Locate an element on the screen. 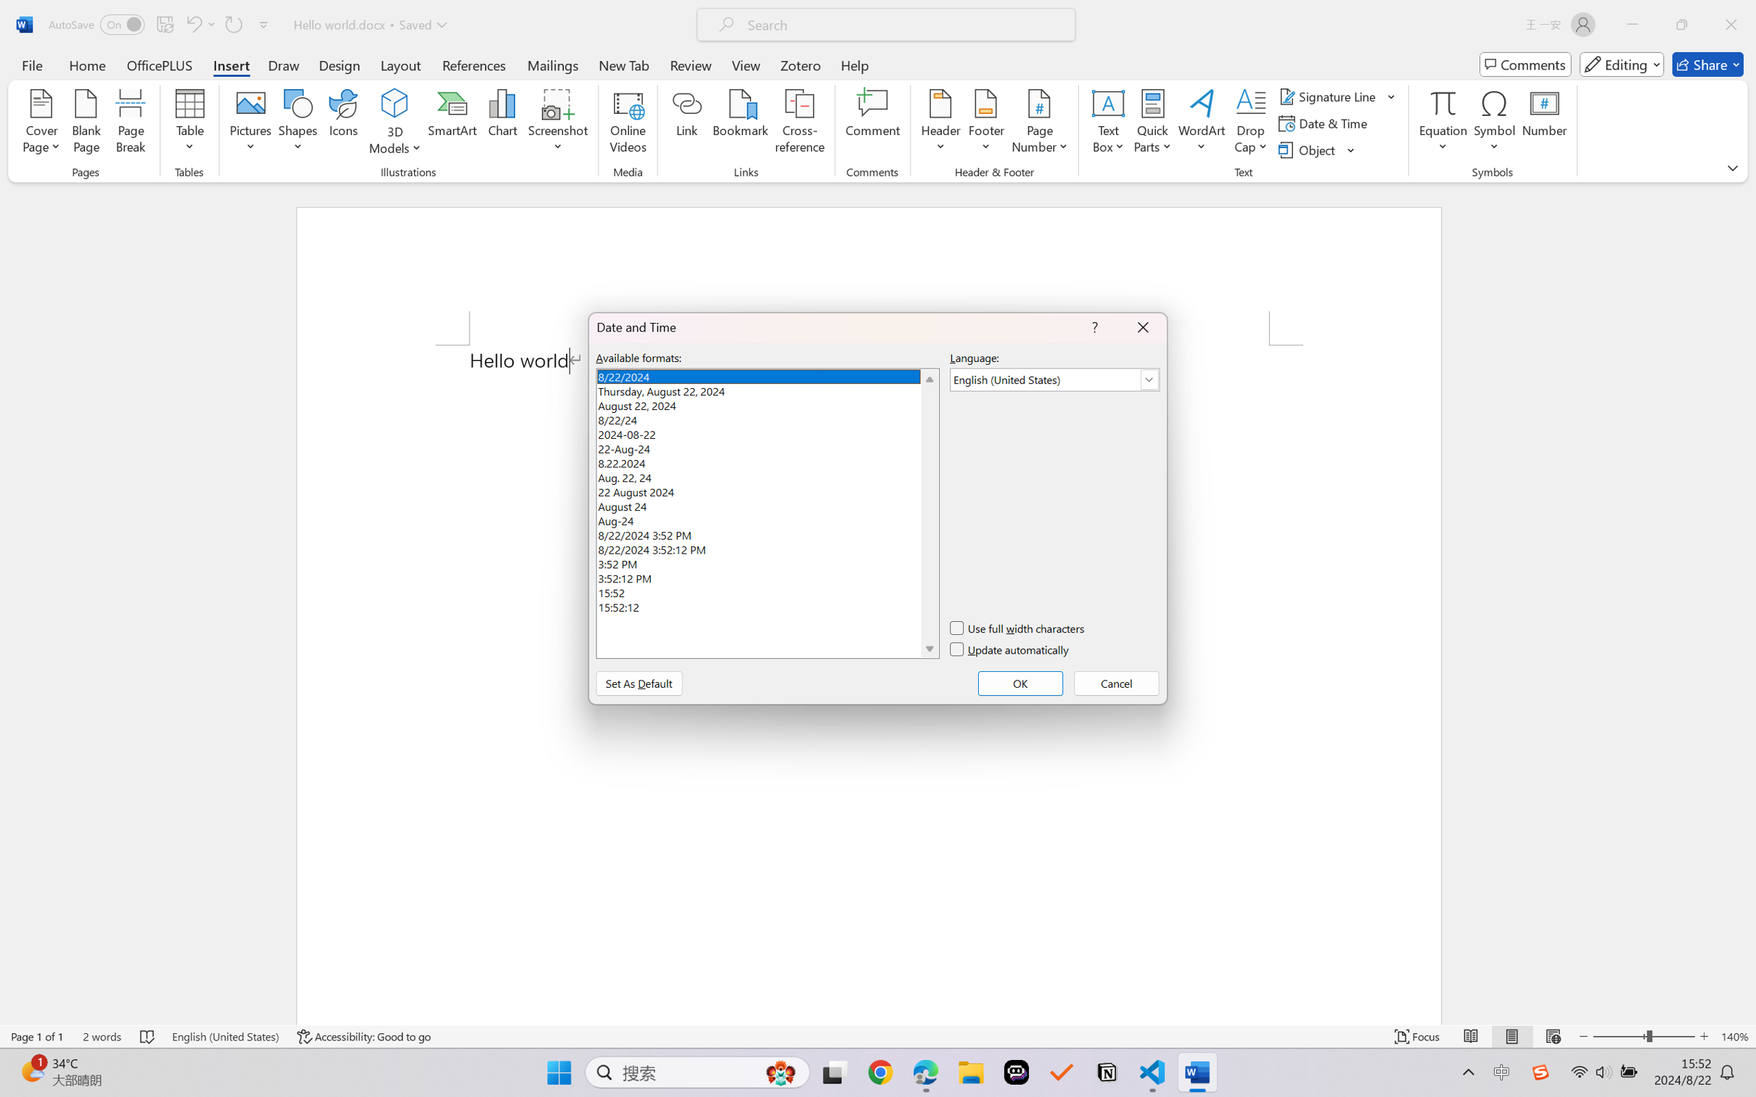  'Cancel' is located at coordinates (1116, 682).